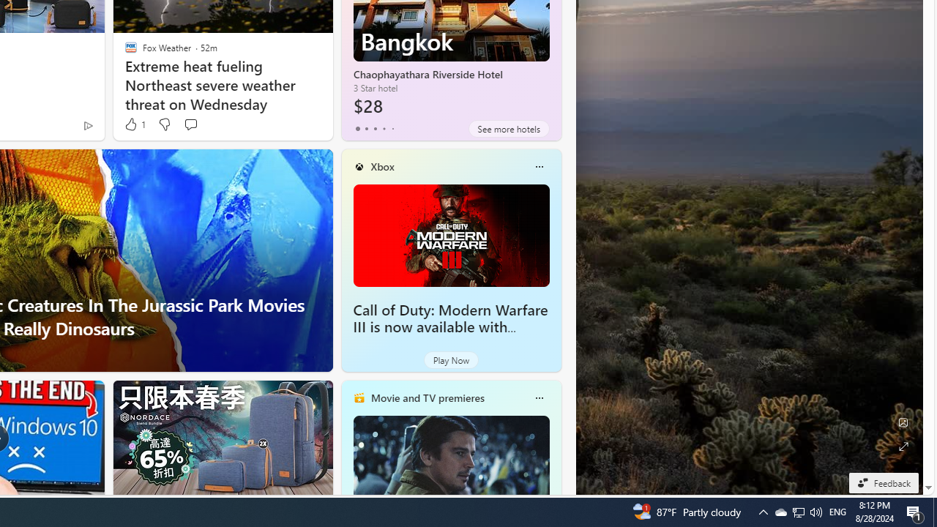 The width and height of the screenshot is (937, 527). Describe the element at coordinates (392, 128) in the screenshot. I see `'tab-4'` at that location.